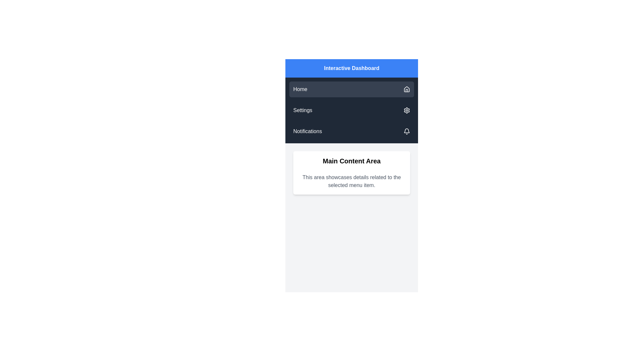  I want to click on the minimalist house icon representing the 'Home' concept, located in the upper-left section of the interface near the text label 'Home', so click(407, 89).